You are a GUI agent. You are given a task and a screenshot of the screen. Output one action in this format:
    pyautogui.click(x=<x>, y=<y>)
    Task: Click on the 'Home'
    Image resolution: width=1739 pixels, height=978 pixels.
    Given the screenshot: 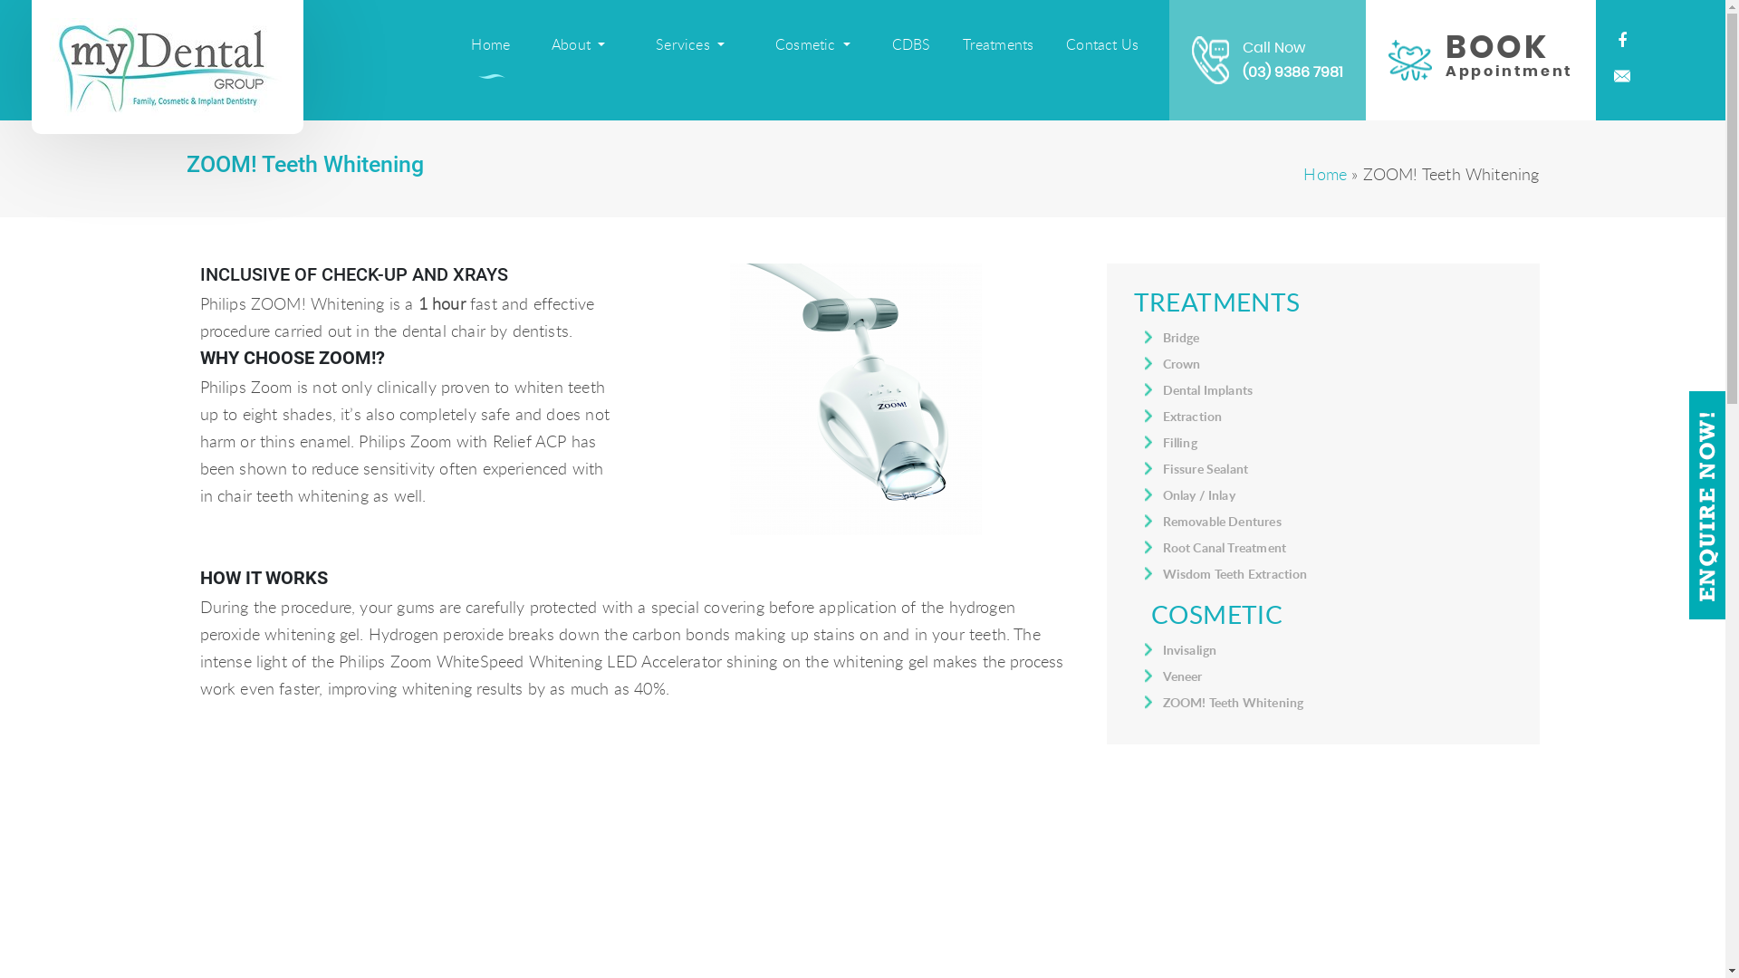 What is the action you would take?
    pyautogui.click(x=490, y=43)
    